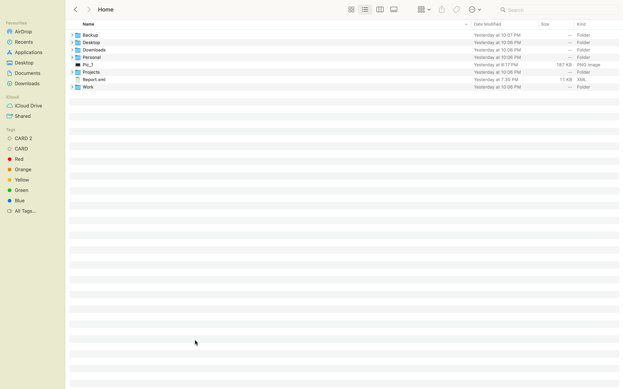  I want to click on the Downloads folder and then revert to the preceding folder, so click(349, 49).